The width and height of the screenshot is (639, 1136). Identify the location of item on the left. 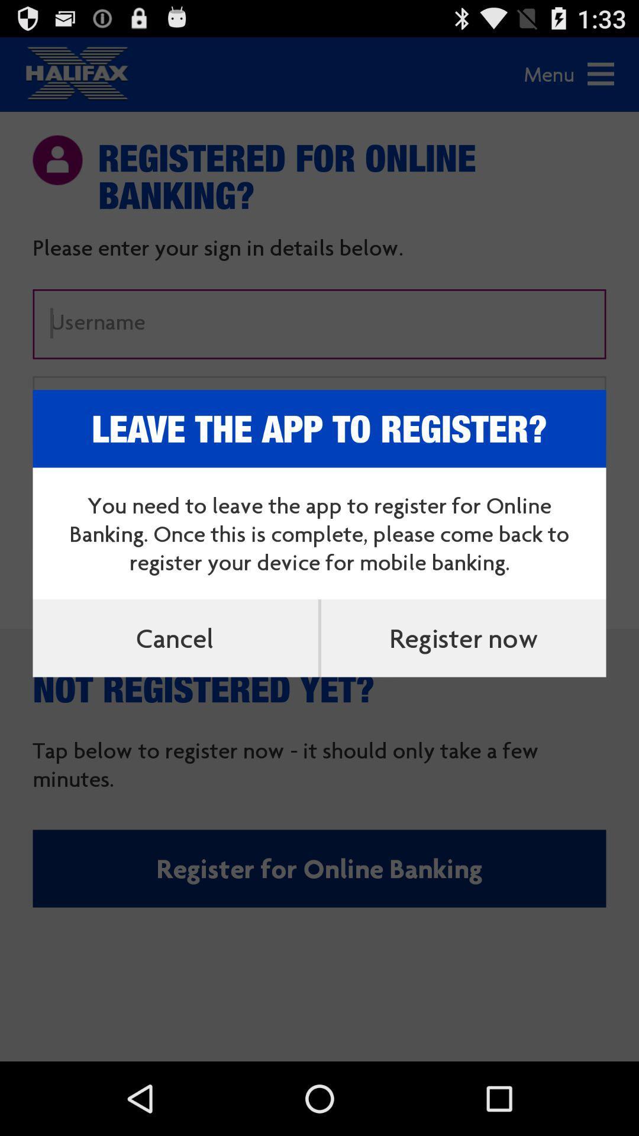
(175, 637).